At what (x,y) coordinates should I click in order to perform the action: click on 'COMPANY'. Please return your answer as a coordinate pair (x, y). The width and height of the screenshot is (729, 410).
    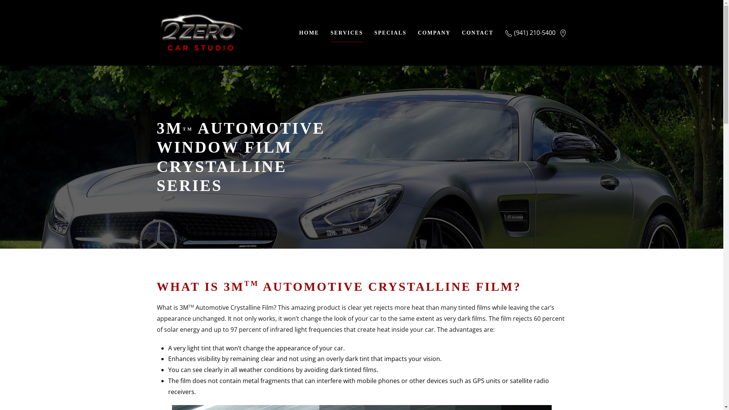
    Looking at the image, I should click on (434, 32).